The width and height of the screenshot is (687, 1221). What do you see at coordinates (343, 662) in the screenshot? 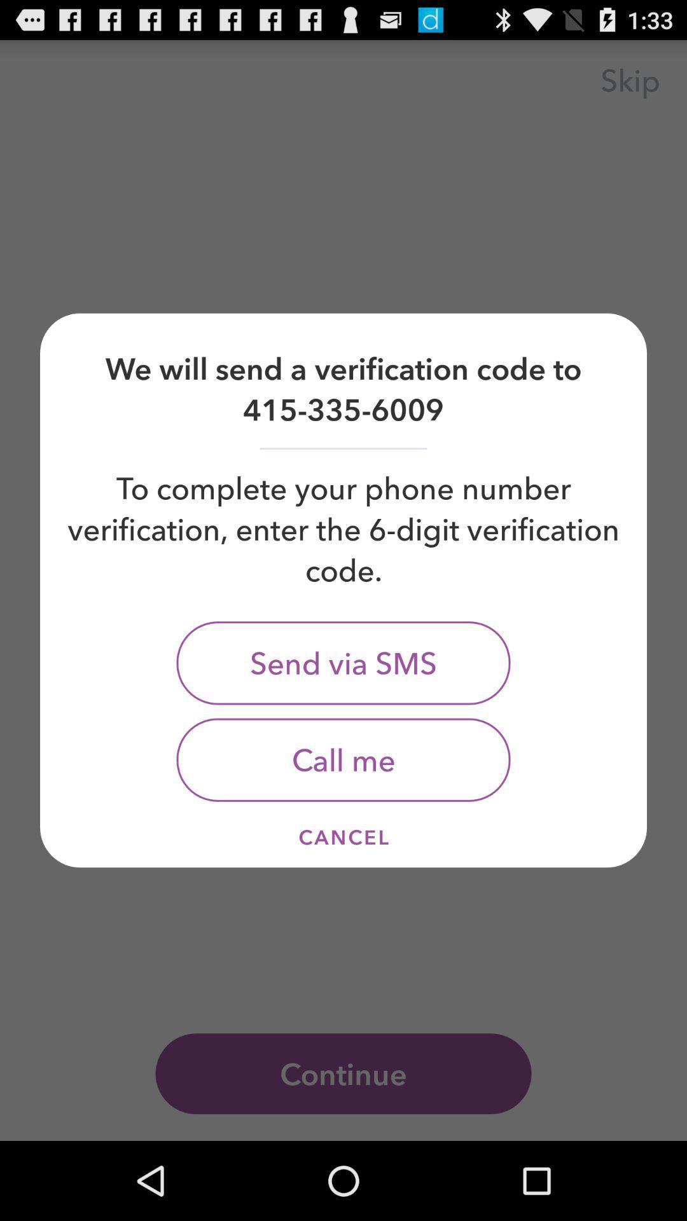
I see `the item above call me icon` at bounding box center [343, 662].